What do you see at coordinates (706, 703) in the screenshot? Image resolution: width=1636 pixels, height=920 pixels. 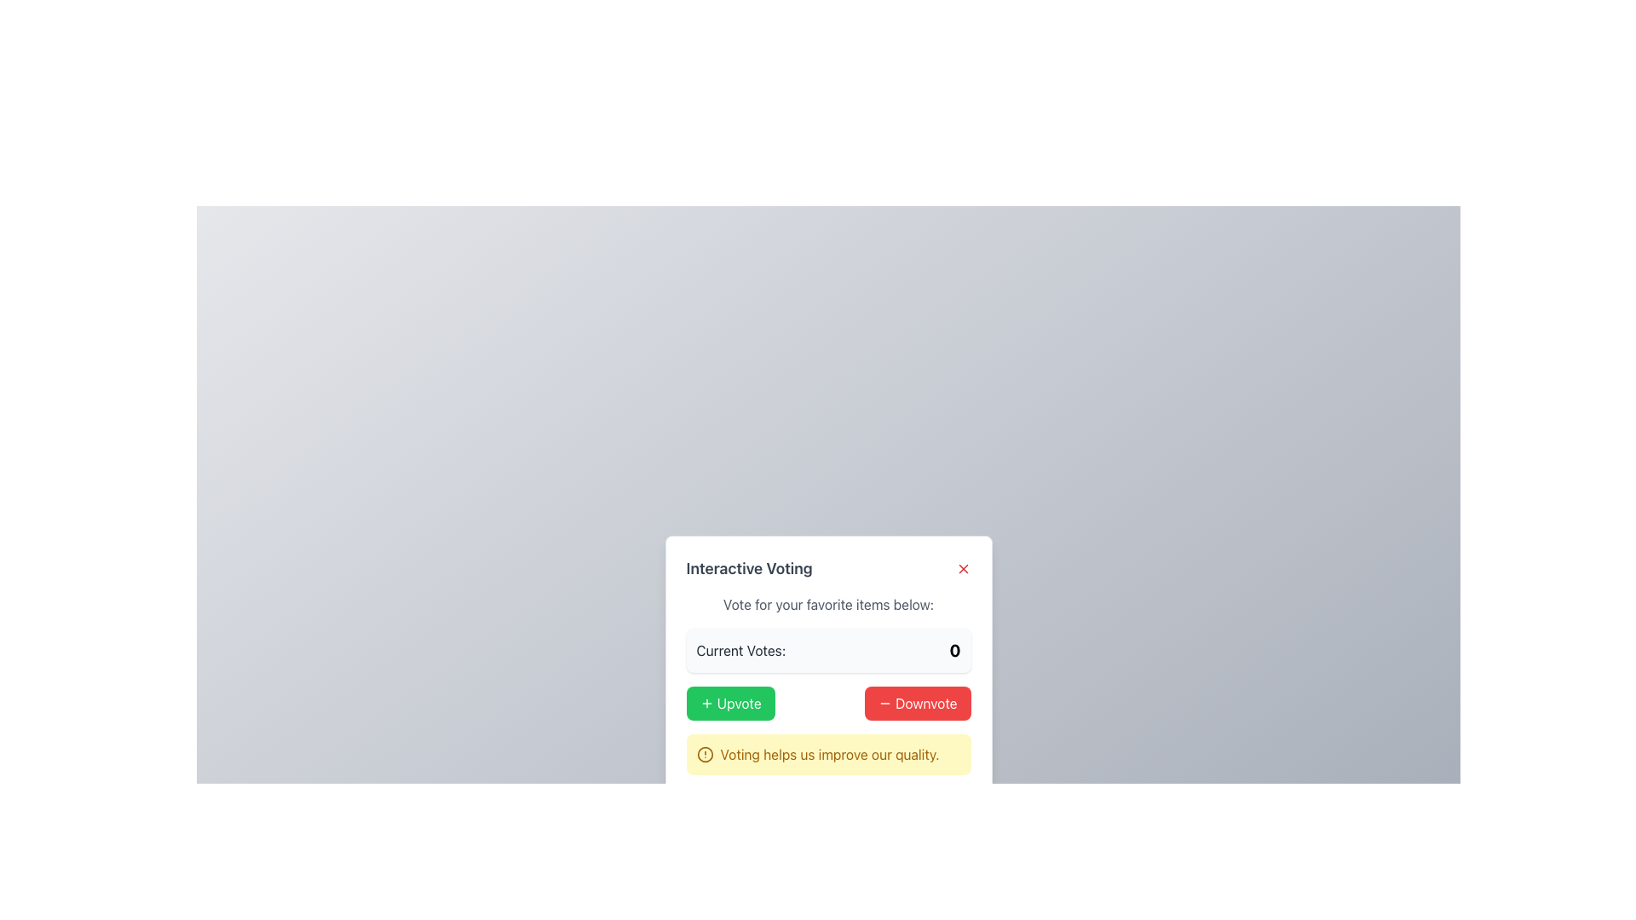 I see `the plus sign icon located at the center-left of the 'Upvote' button` at bounding box center [706, 703].